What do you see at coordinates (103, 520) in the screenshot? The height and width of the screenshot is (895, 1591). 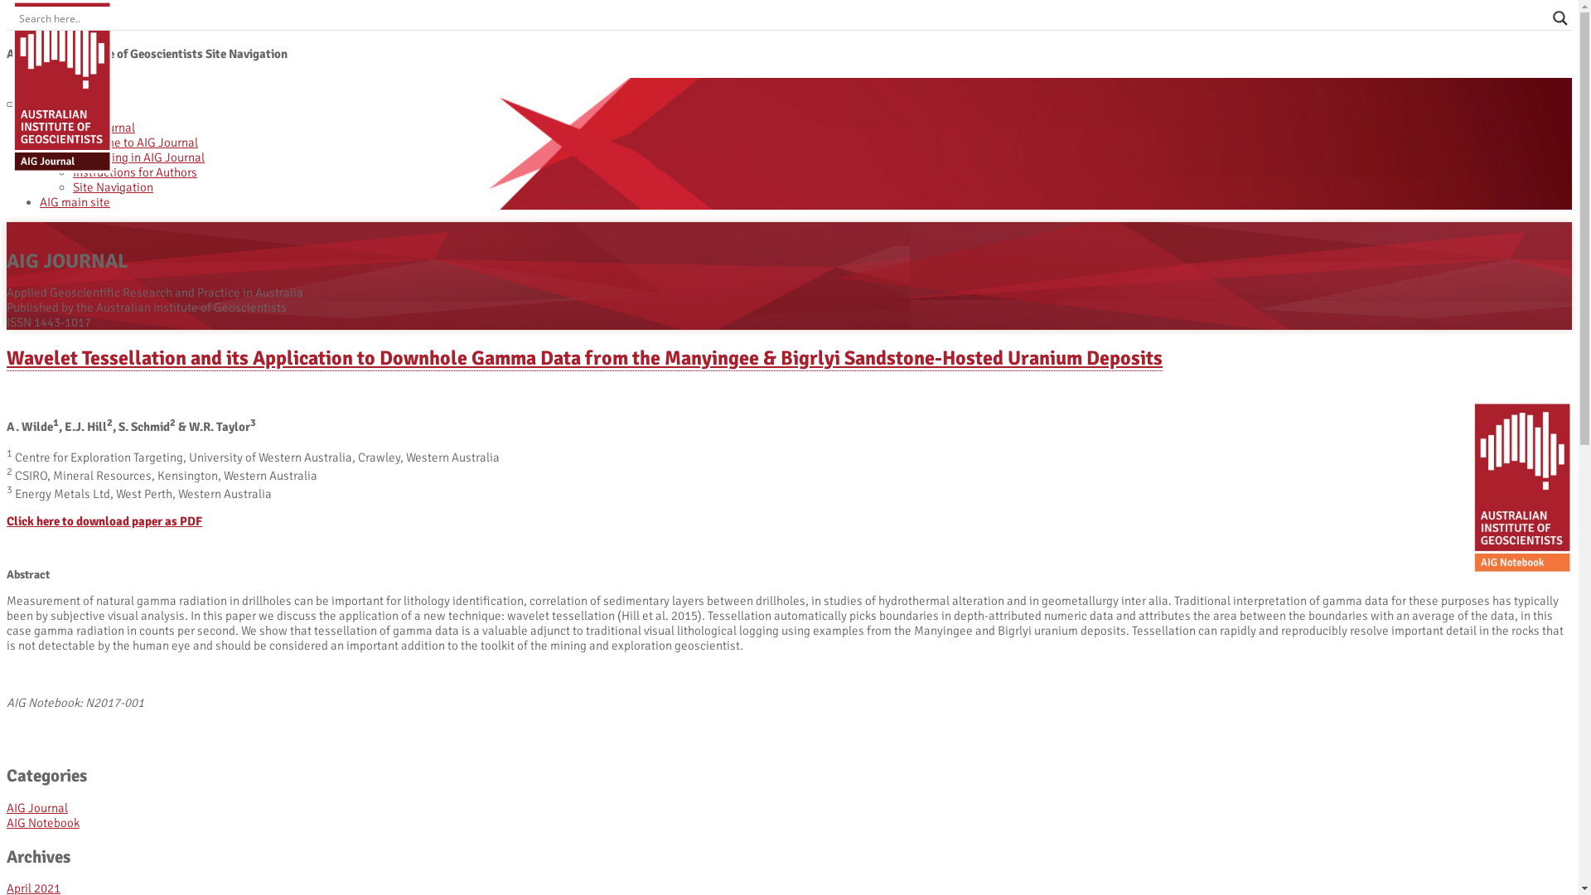 I see `'Click here to download paper as PDF'` at bounding box center [103, 520].